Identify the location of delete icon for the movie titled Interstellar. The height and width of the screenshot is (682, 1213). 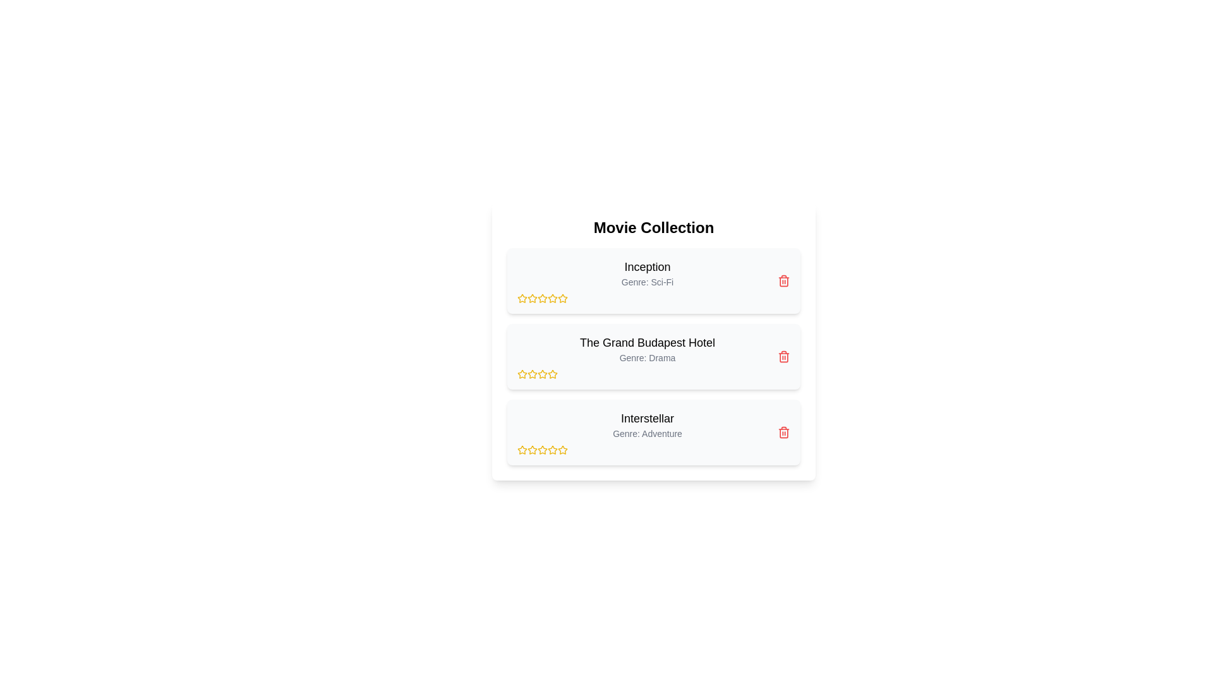
(783, 432).